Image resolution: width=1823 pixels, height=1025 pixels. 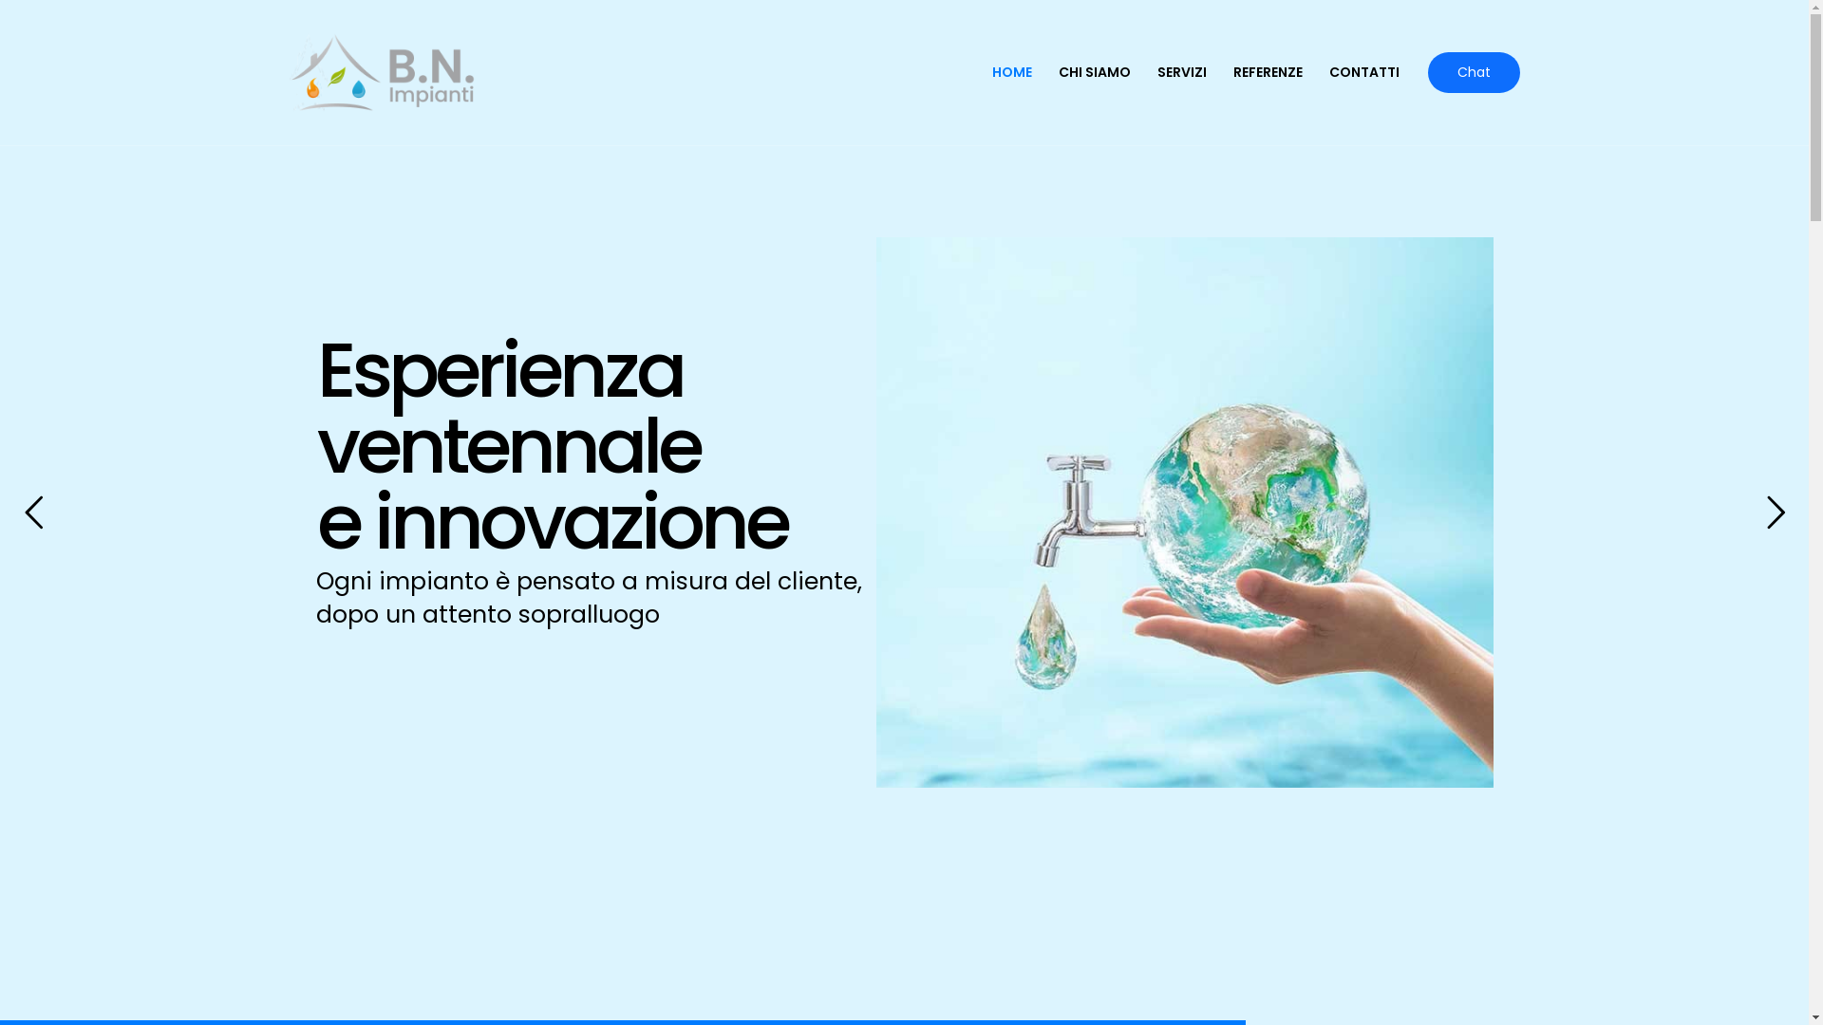 I want to click on 'CHI SIAMO', so click(x=1094, y=71).